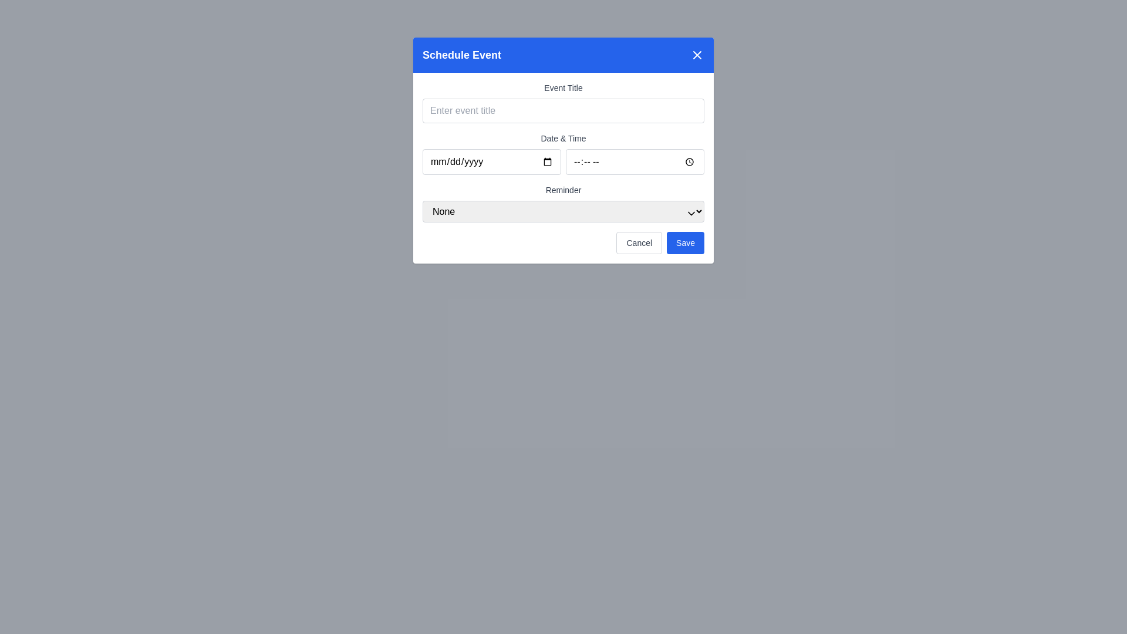 Image resolution: width=1127 pixels, height=634 pixels. Describe the element at coordinates (691, 213) in the screenshot. I see `the small triangular downward arrow icon located at the far-right side of the 'Reminder' dropdown field in the 'Schedule Event' modal dialog` at that location.